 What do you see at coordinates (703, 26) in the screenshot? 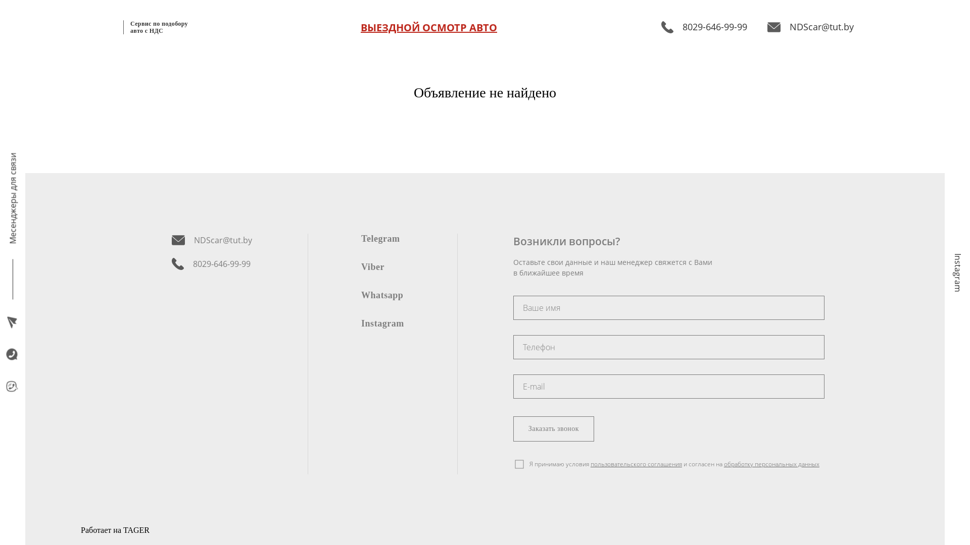
I see `'8029-646-99-99'` at bounding box center [703, 26].